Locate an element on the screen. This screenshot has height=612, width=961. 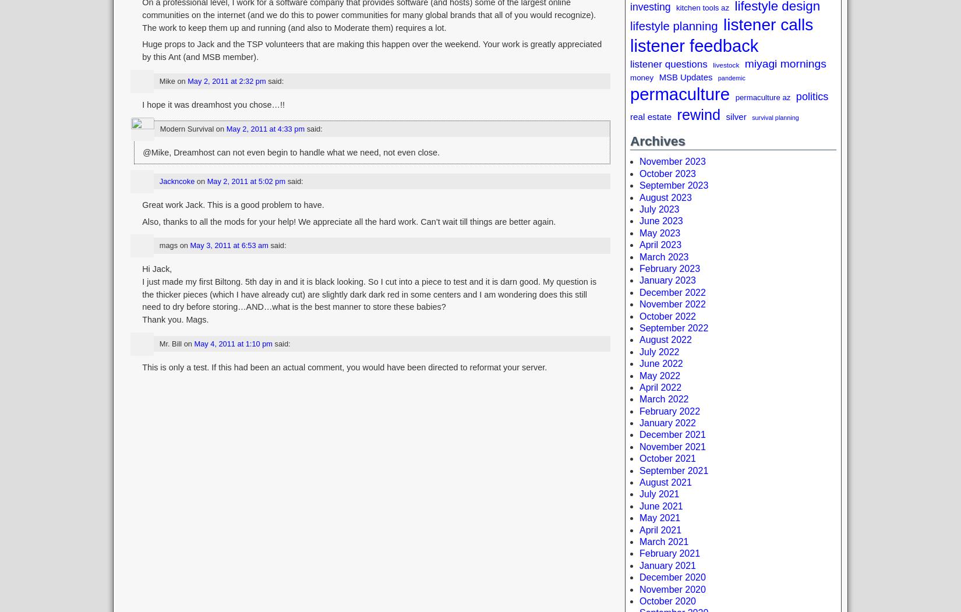
'May 2023' is located at coordinates (660, 232).